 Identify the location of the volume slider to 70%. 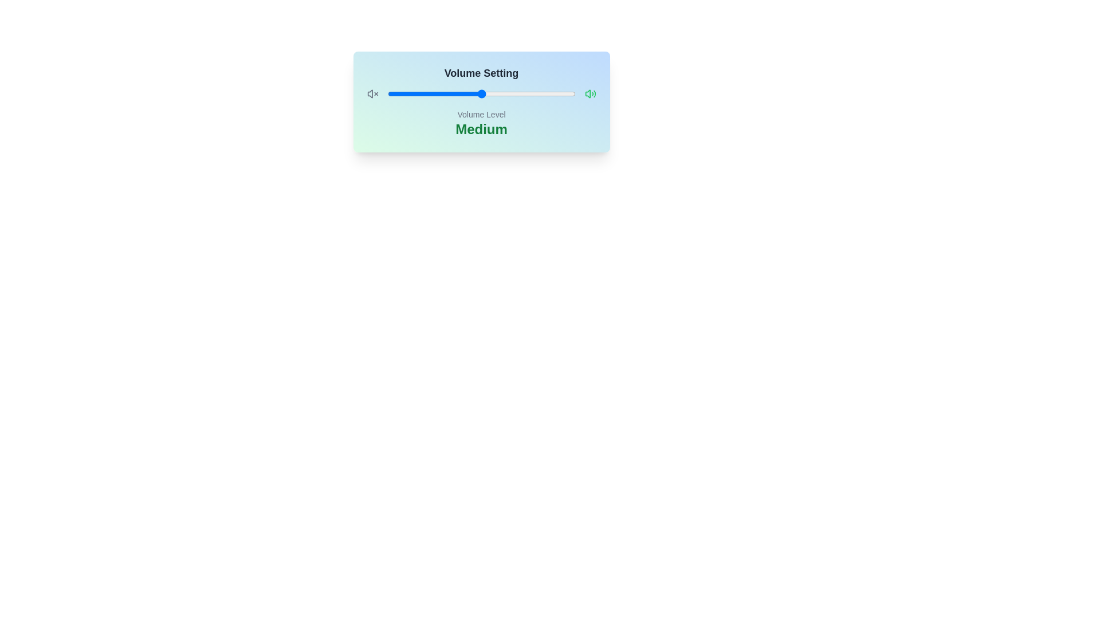
(518, 93).